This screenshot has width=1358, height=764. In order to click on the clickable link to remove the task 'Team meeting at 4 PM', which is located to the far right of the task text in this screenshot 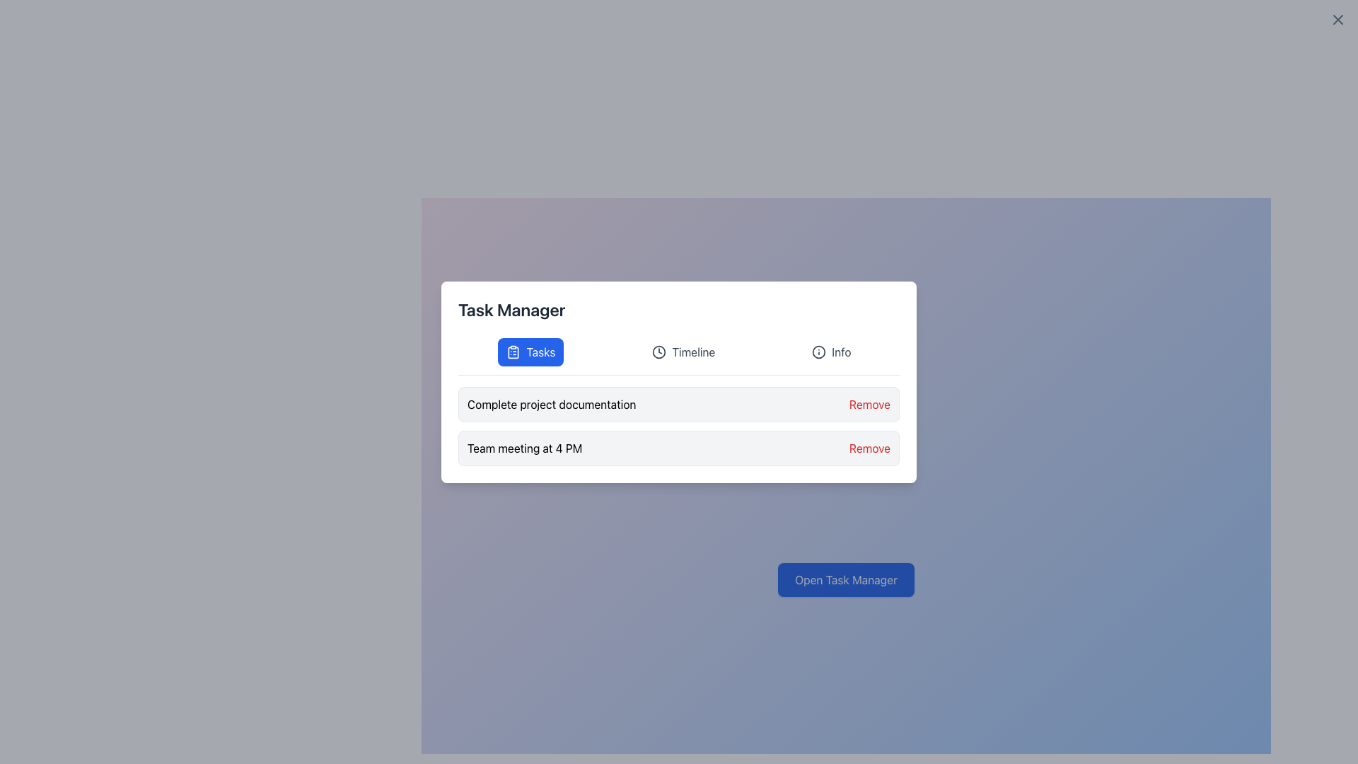, I will do `click(869, 448)`.